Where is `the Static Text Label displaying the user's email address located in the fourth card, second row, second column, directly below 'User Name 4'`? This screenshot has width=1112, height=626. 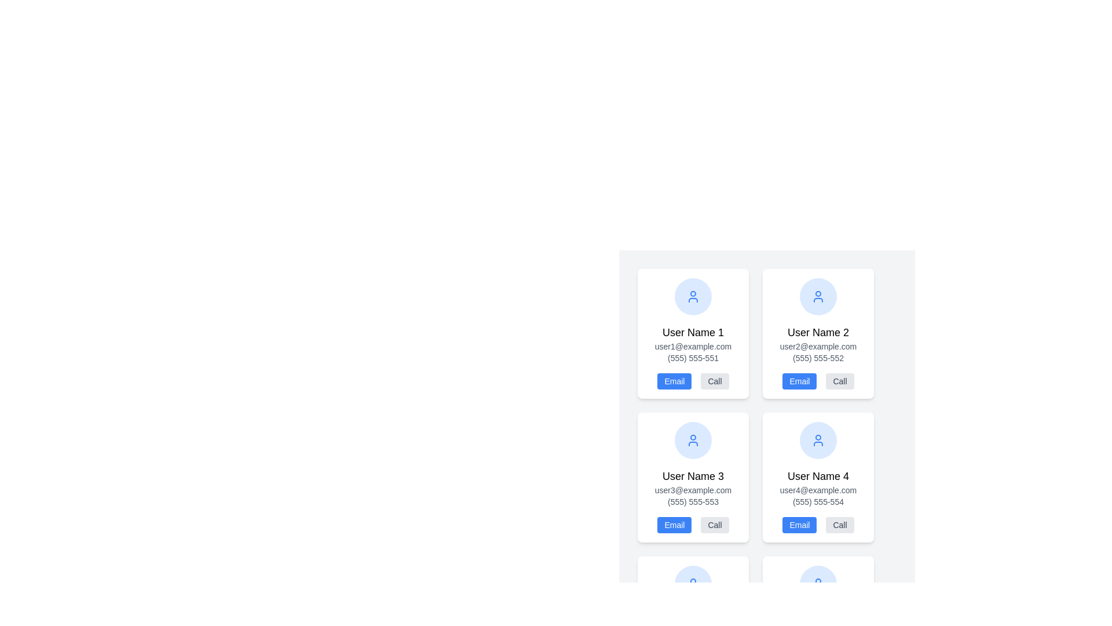 the Static Text Label displaying the user's email address located in the fourth card, second row, second column, directly below 'User Name 4' is located at coordinates (817, 490).